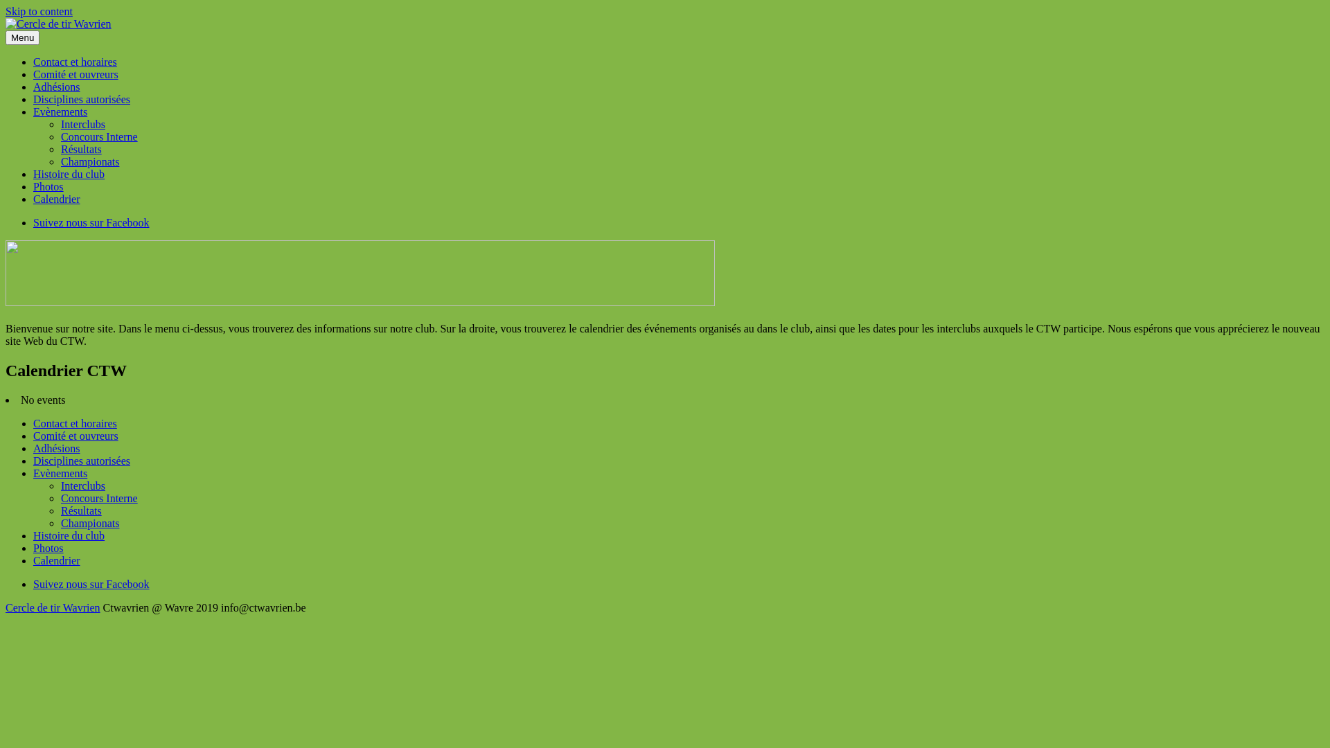  I want to click on 'Contact et horaires', so click(33, 422).